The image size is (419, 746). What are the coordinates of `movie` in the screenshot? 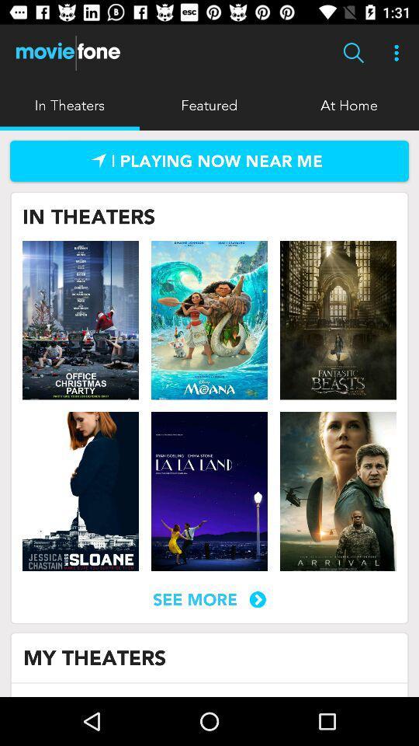 It's located at (337, 490).